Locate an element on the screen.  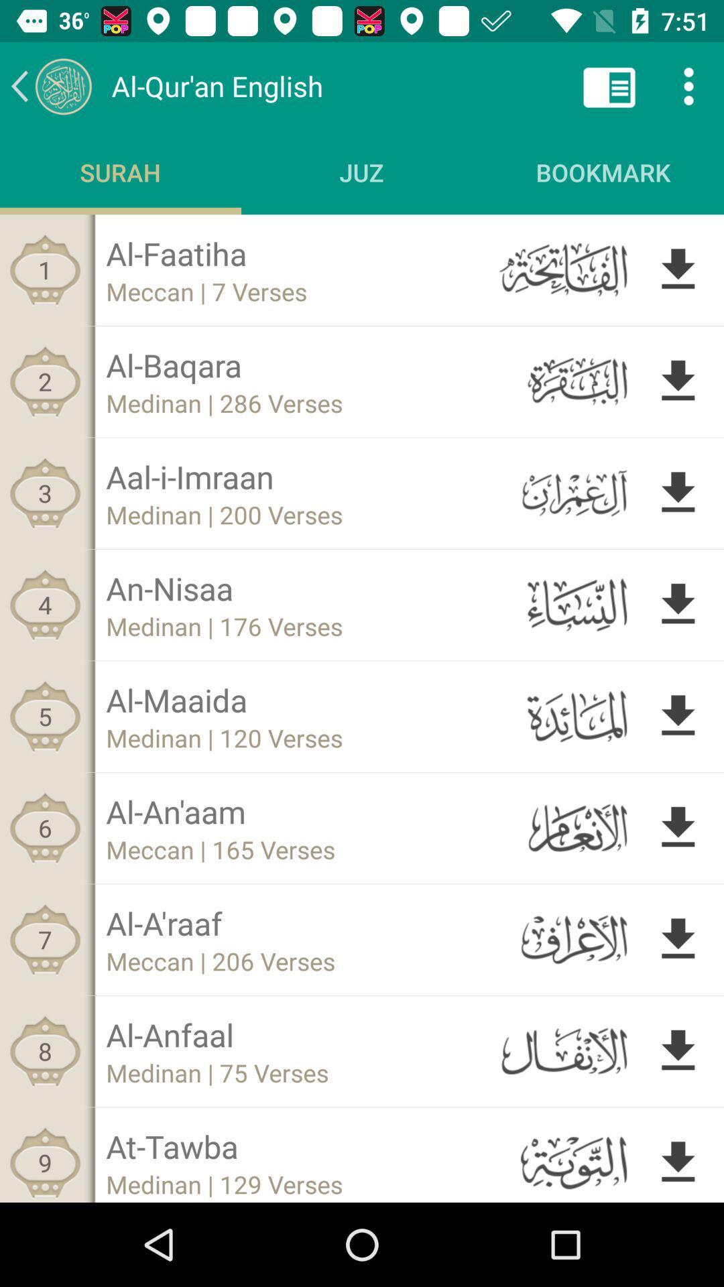
see adress book is located at coordinates (609, 85).